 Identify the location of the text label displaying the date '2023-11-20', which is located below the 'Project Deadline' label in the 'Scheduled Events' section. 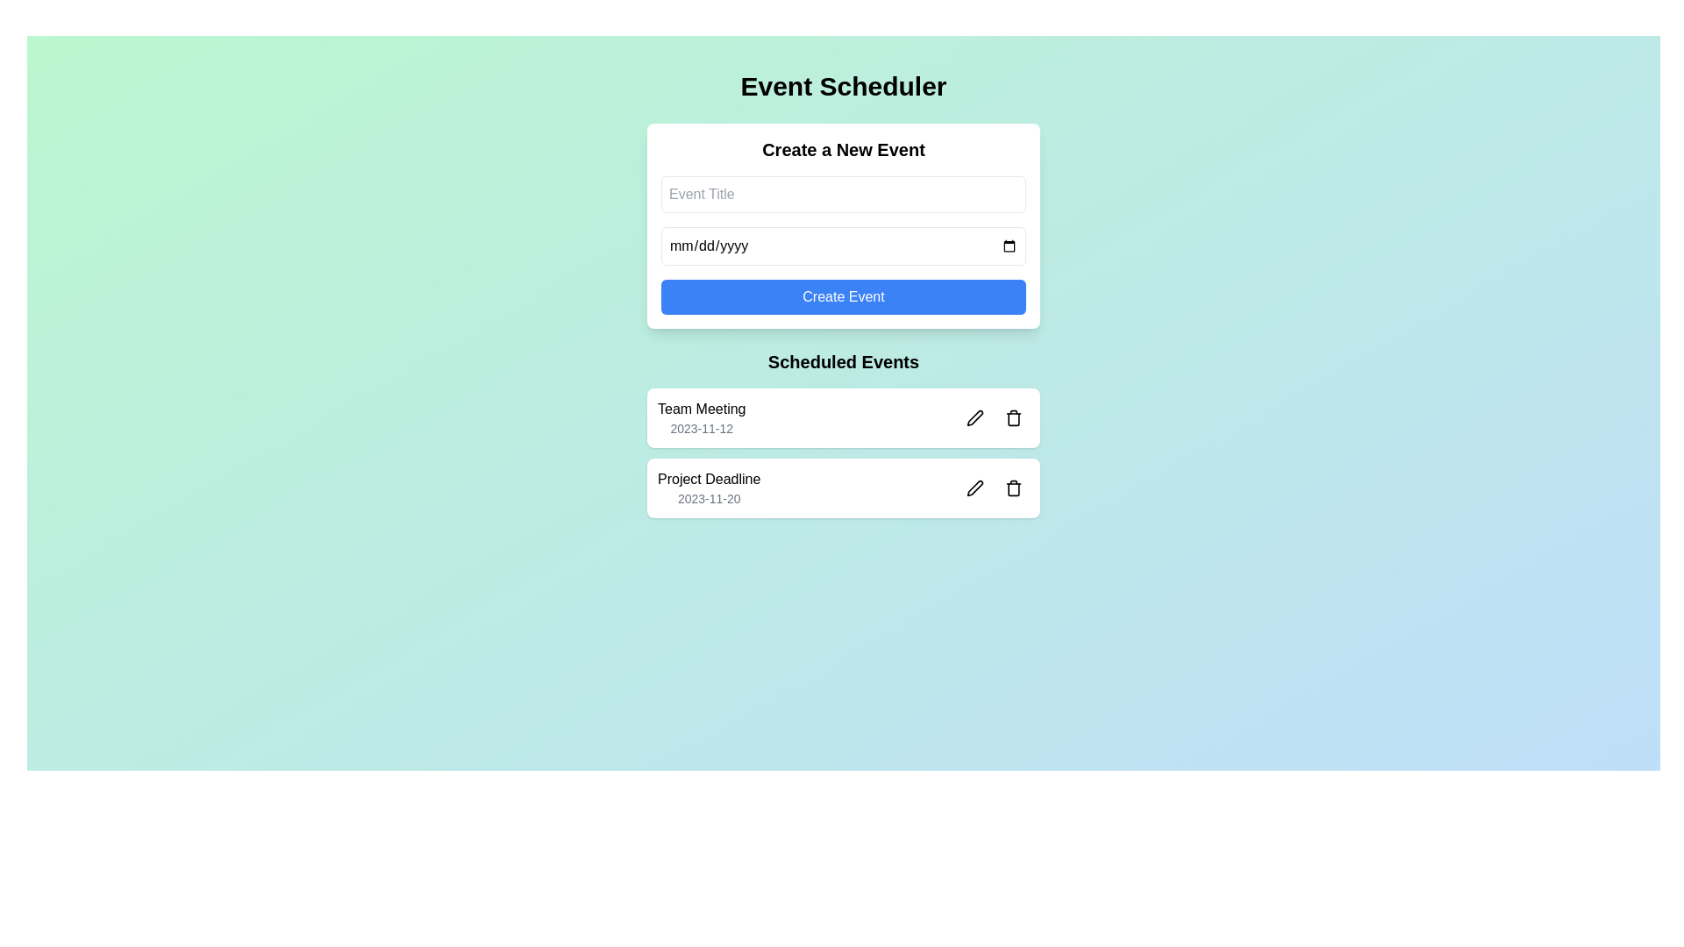
(709, 499).